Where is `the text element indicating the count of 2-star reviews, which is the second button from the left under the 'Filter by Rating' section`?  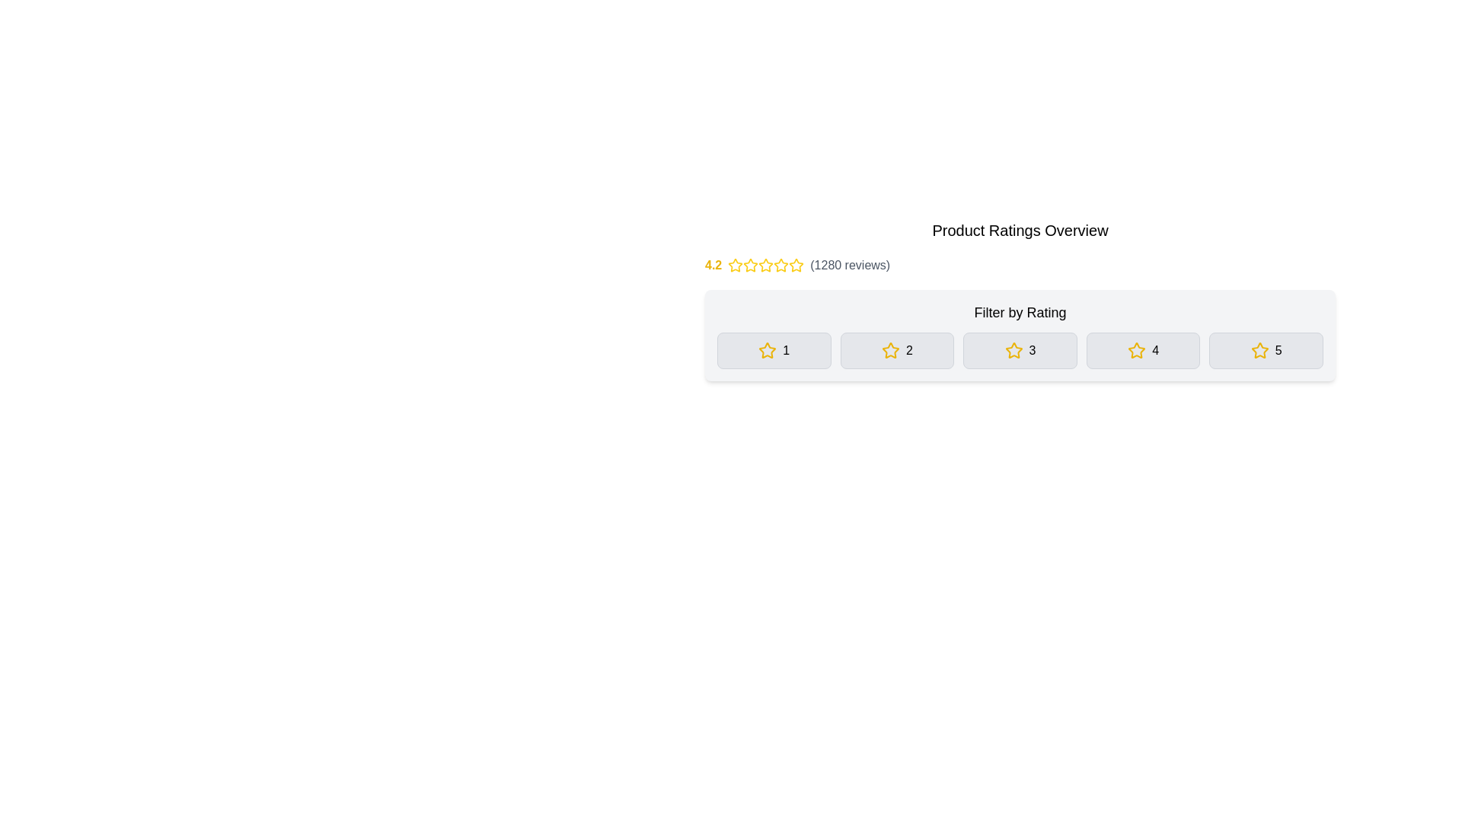 the text element indicating the count of 2-star reviews, which is the second button from the left under the 'Filter by Rating' section is located at coordinates (909, 351).